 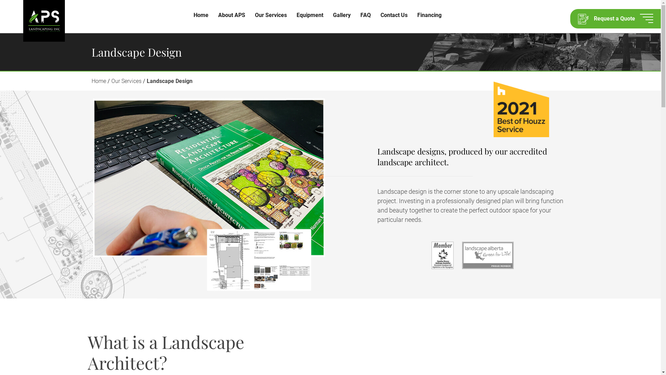 I want to click on 'FAQ', so click(x=365, y=15).